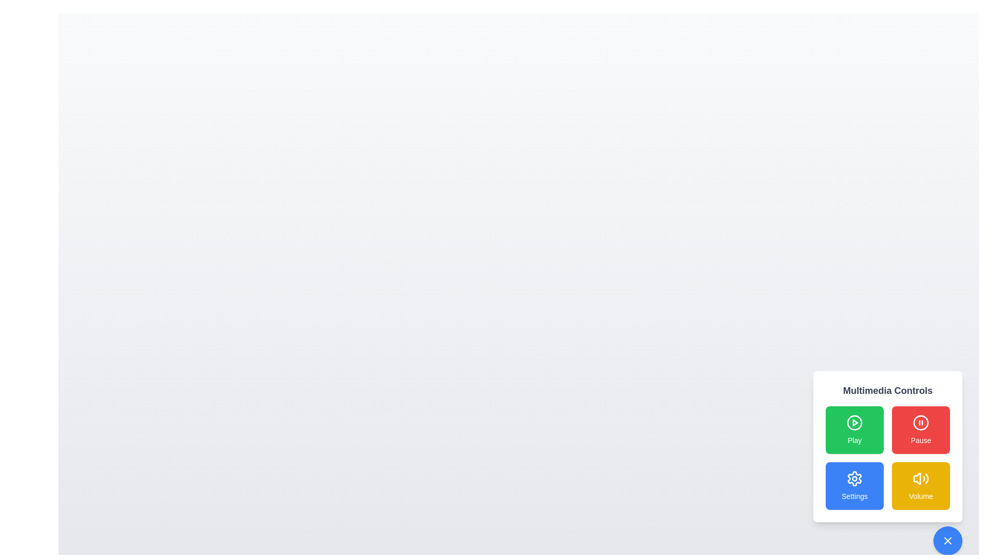 The height and width of the screenshot is (559, 994). Describe the element at coordinates (855, 479) in the screenshot. I see `the gear icon button with a blue background located in the bottom-left quadrant of multimedia control buttons` at that location.